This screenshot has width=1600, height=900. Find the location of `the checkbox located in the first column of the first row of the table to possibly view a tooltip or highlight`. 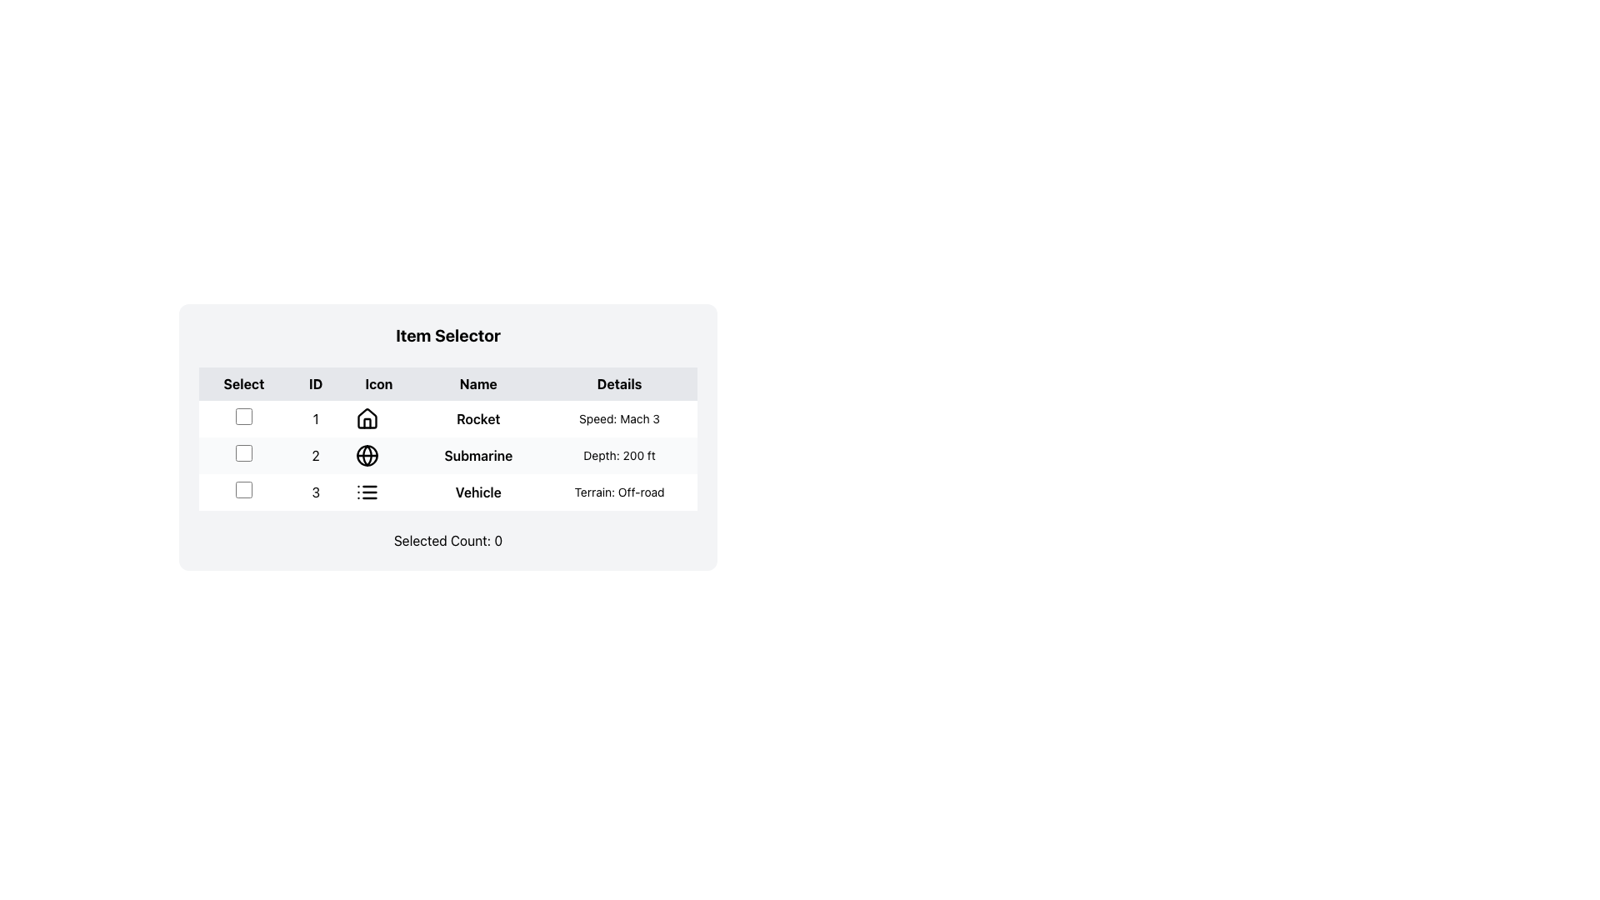

the checkbox located in the first column of the first row of the table to possibly view a tooltip or highlight is located at coordinates (242, 417).